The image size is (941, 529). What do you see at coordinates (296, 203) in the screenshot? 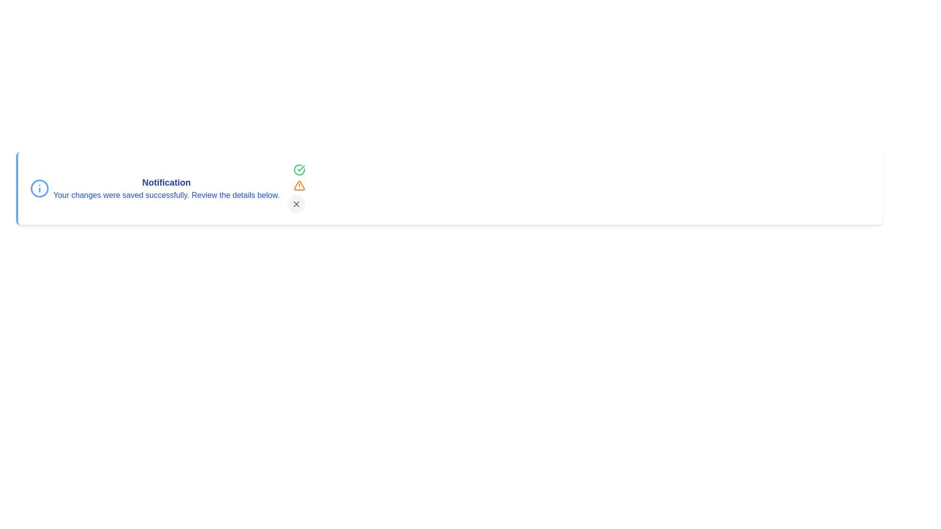
I see `close button to hide the notification` at bounding box center [296, 203].